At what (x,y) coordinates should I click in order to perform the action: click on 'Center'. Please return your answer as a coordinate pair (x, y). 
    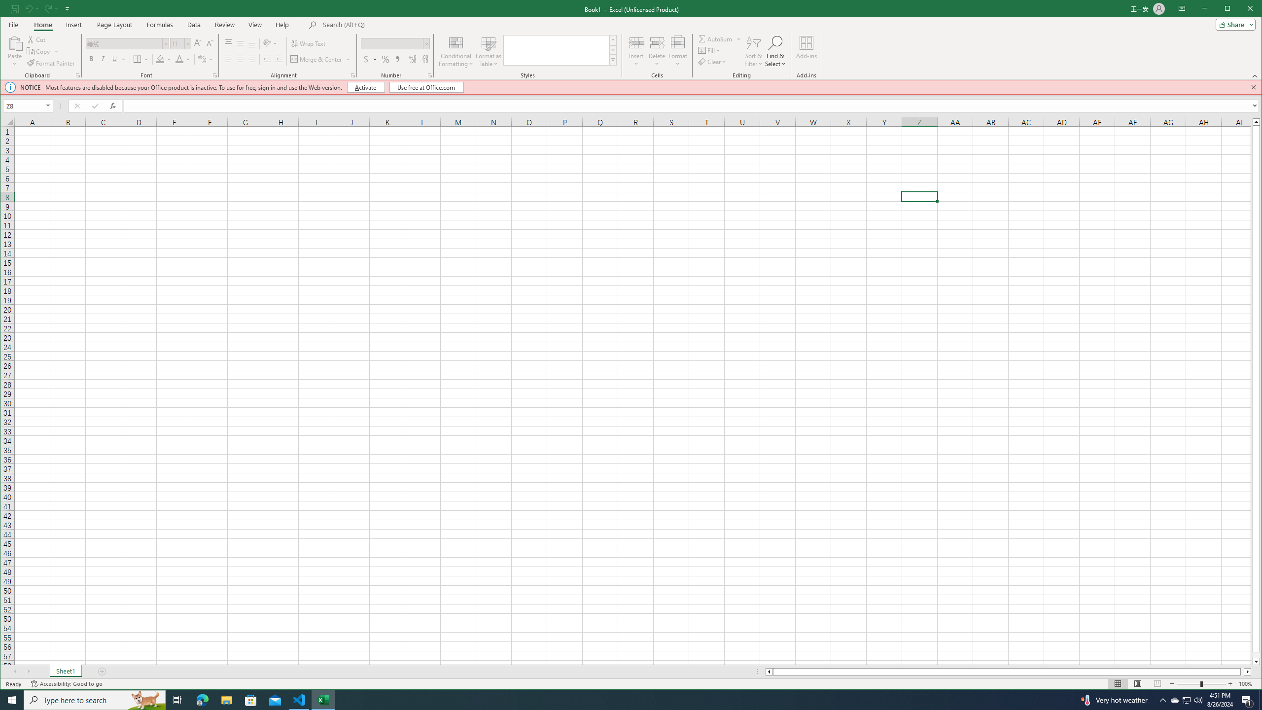
    Looking at the image, I should click on (240, 59).